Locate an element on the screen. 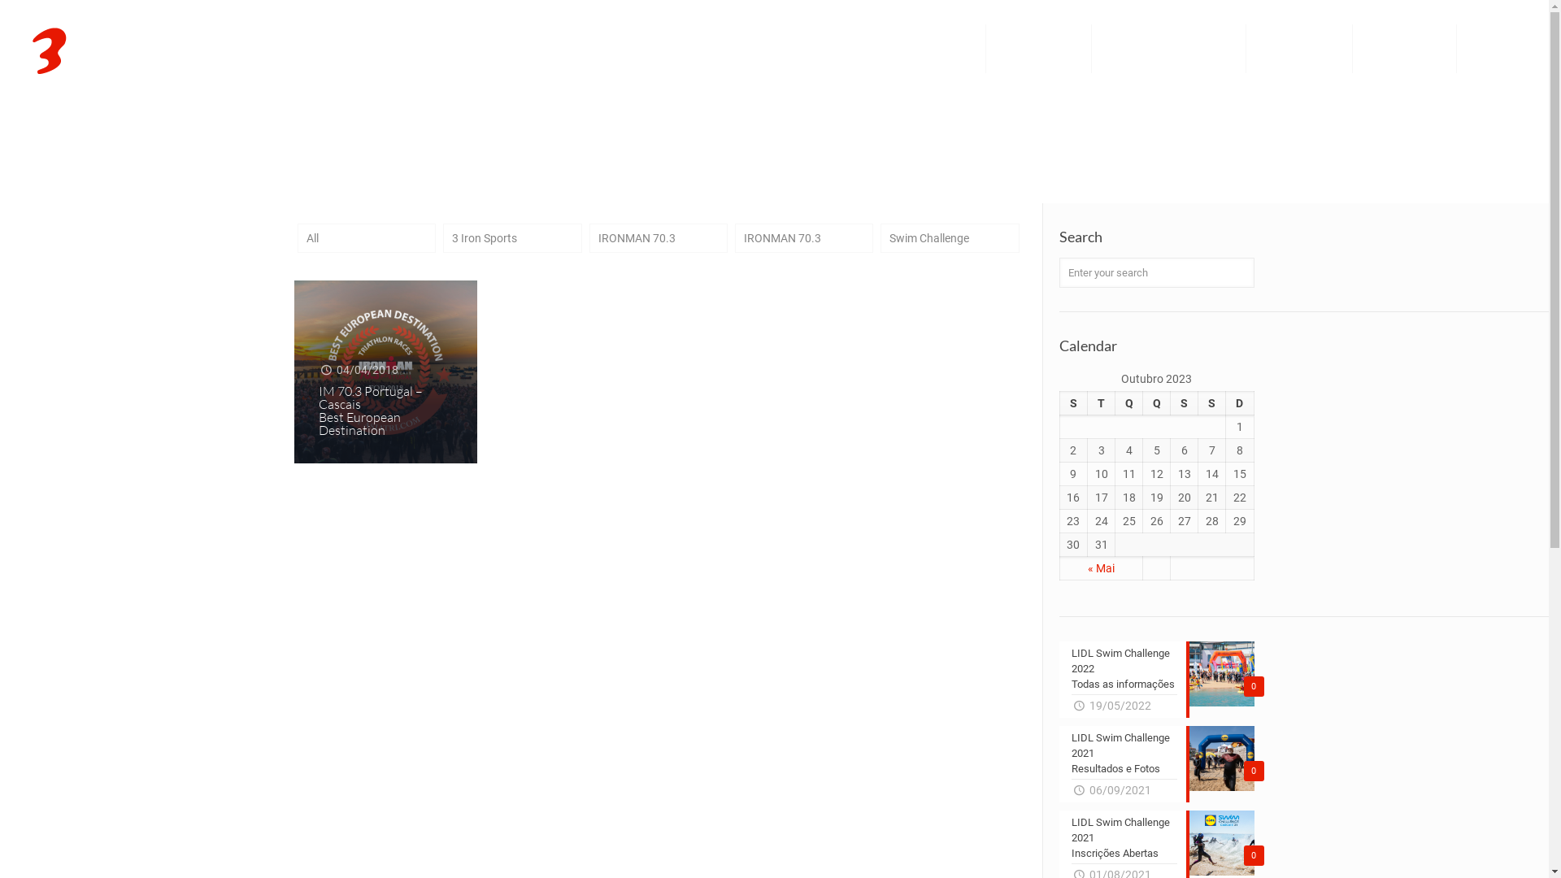  'Swim Challenge' is located at coordinates (949, 237).